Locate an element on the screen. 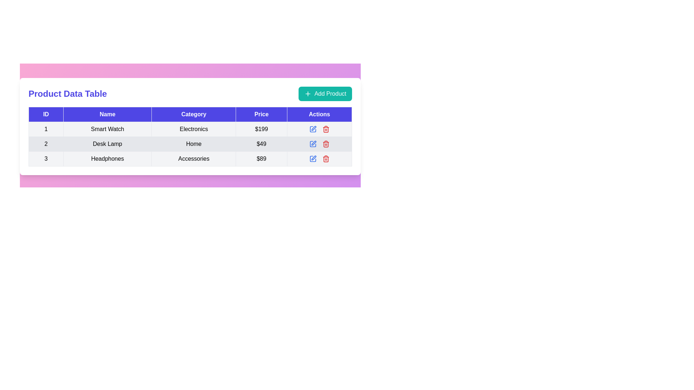  the blue square icon in the 'Actions' column of the second row is located at coordinates (313, 129).